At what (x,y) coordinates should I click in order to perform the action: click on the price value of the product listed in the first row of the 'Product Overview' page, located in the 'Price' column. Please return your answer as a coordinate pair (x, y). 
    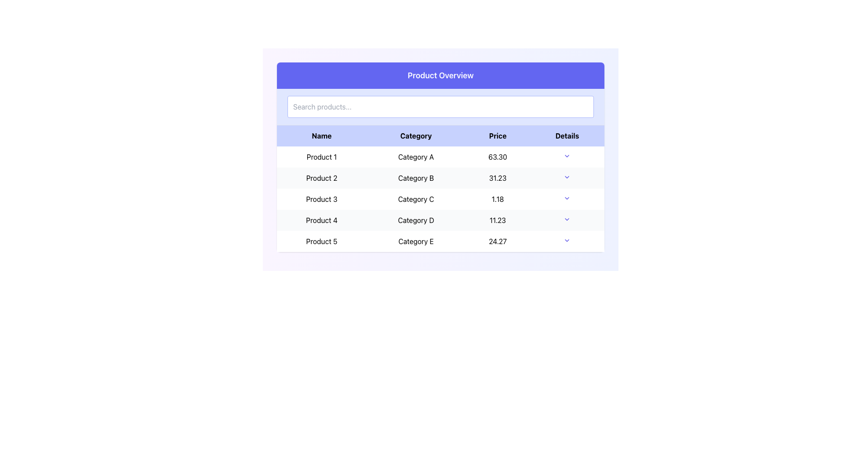
    Looking at the image, I should click on (498, 157).